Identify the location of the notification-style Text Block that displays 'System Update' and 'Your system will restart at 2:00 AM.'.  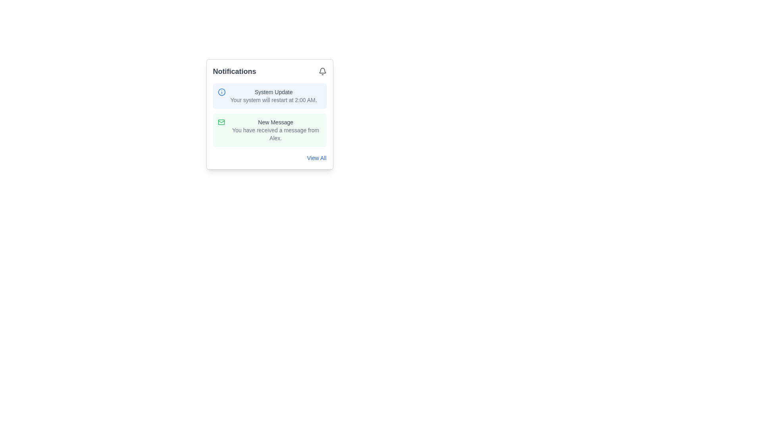
(273, 96).